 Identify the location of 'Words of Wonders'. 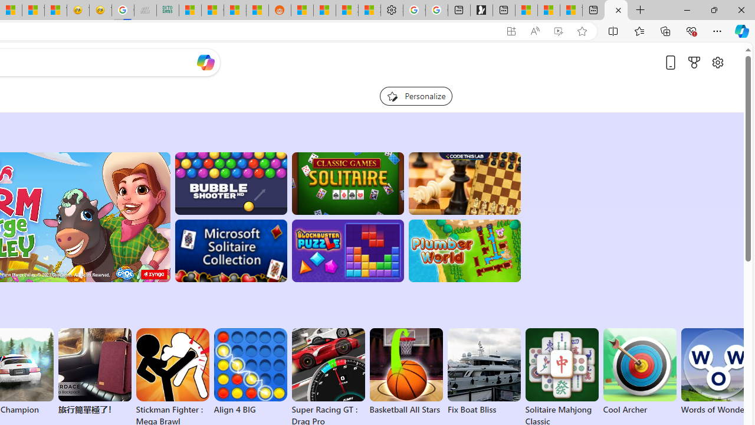
(717, 372).